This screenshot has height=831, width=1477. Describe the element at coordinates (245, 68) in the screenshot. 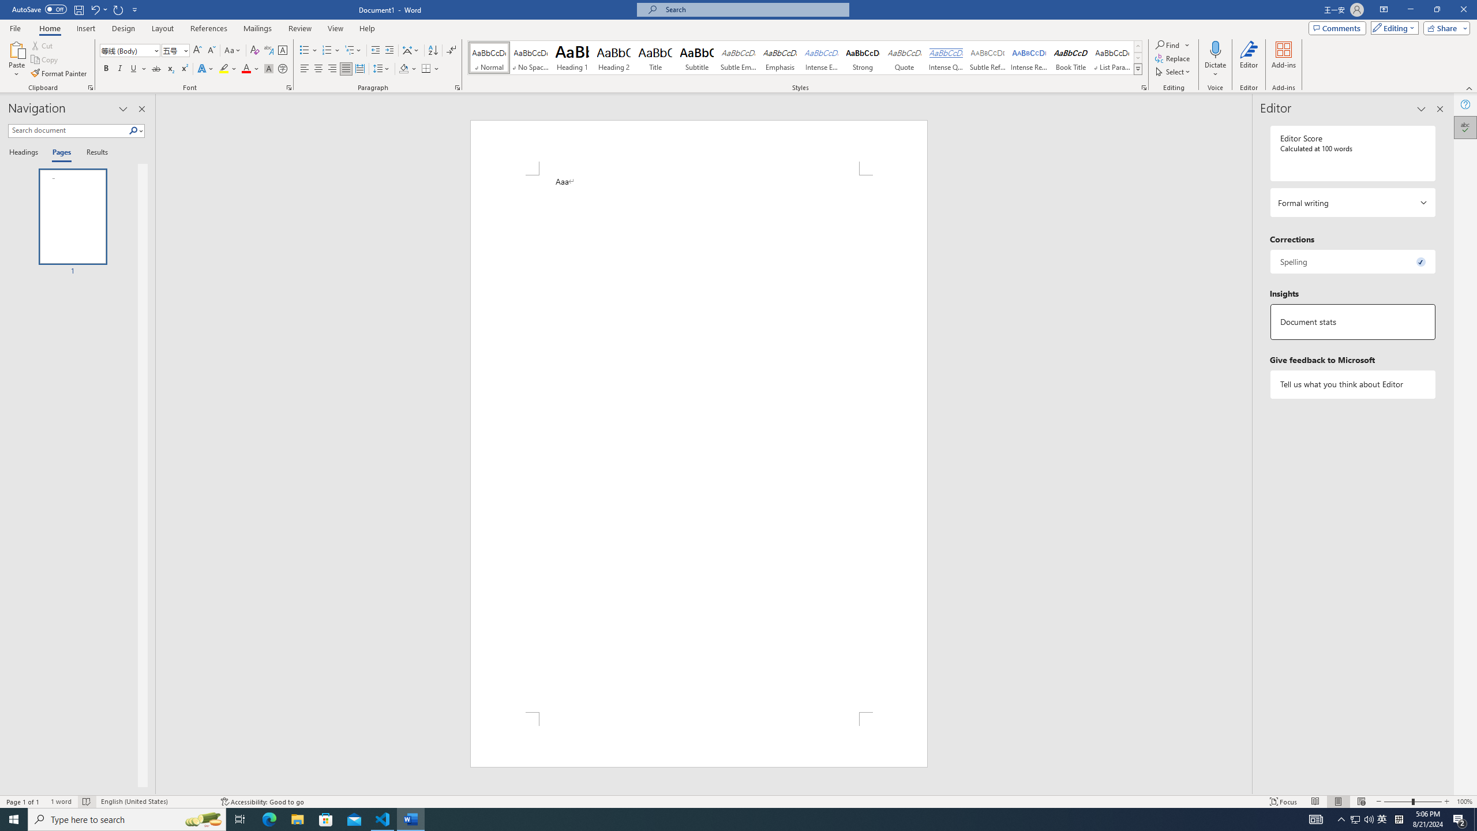

I see `'Font Color Red'` at that location.